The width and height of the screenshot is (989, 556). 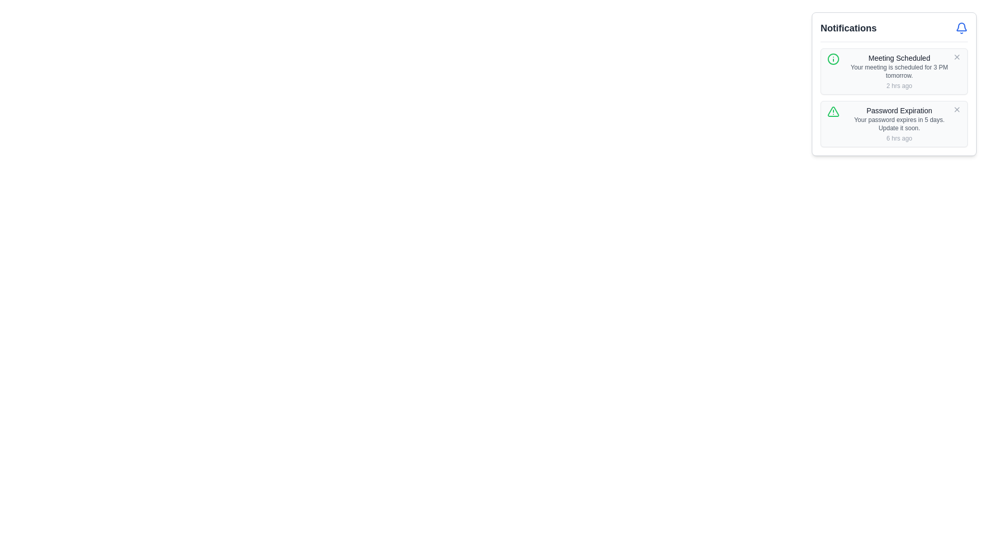 I want to click on the text element displaying '2 hrs ago', which is styled in light gray and located below the 'Your meeting is scheduled for 3 PM tomorrow' text in the notifications section, so click(x=899, y=85).